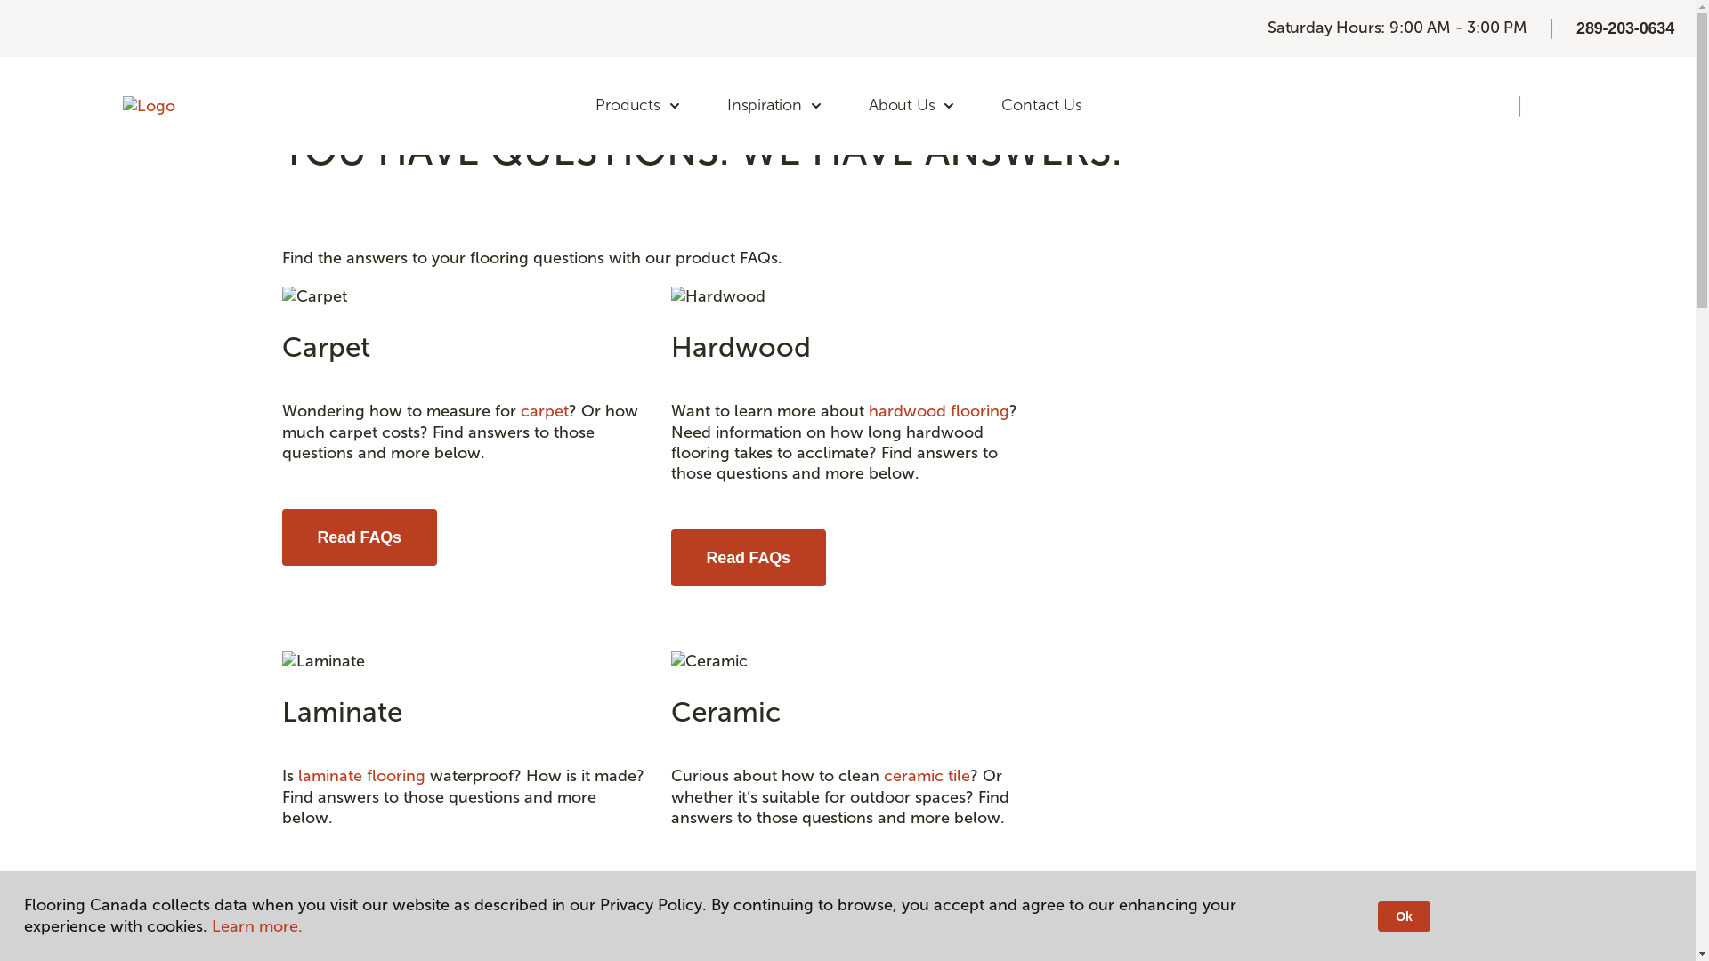 Image resolution: width=1709 pixels, height=961 pixels. Describe the element at coordinates (1624, 28) in the screenshot. I see `'289-203-0634'` at that location.